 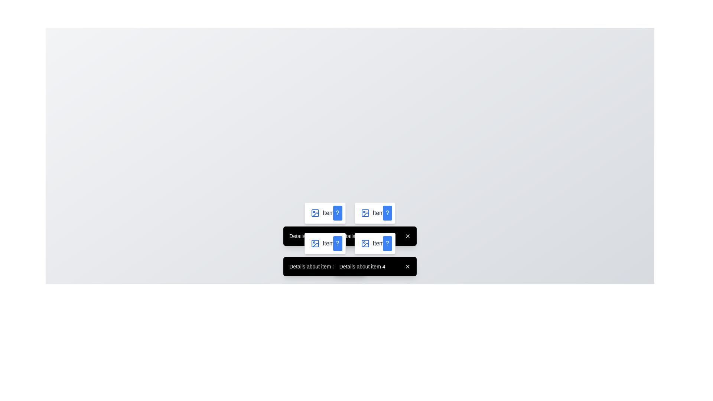 I want to click on the icon representing the feature or option related to images, located to the left of the text 'Item 3', so click(x=315, y=243).